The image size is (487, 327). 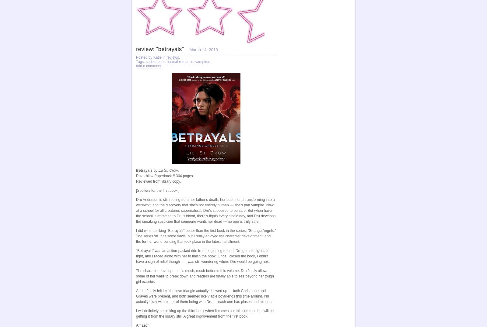 I want to click on '[Spoilers for the first book!]', so click(x=157, y=190).